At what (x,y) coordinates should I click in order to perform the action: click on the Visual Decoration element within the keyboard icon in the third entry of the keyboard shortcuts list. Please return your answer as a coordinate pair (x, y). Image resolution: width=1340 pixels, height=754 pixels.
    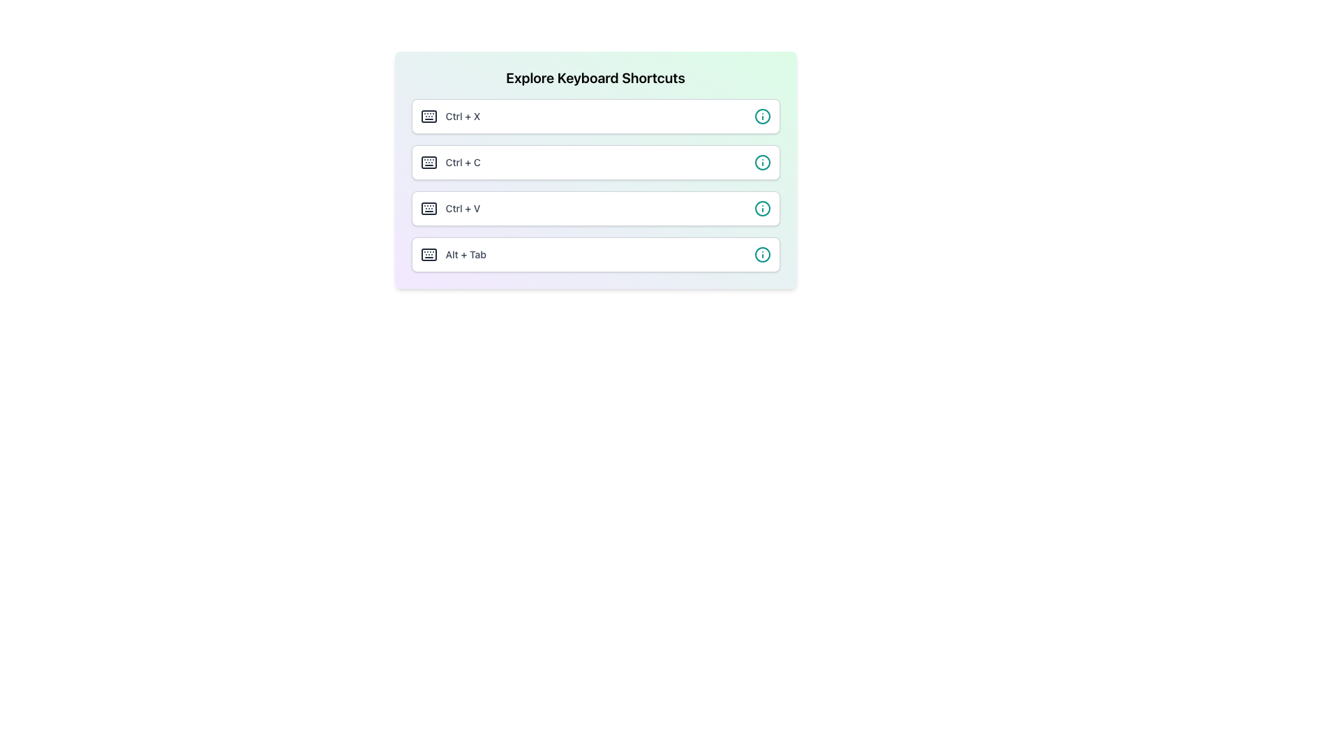
    Looking at the image, I should click on (428, 209).